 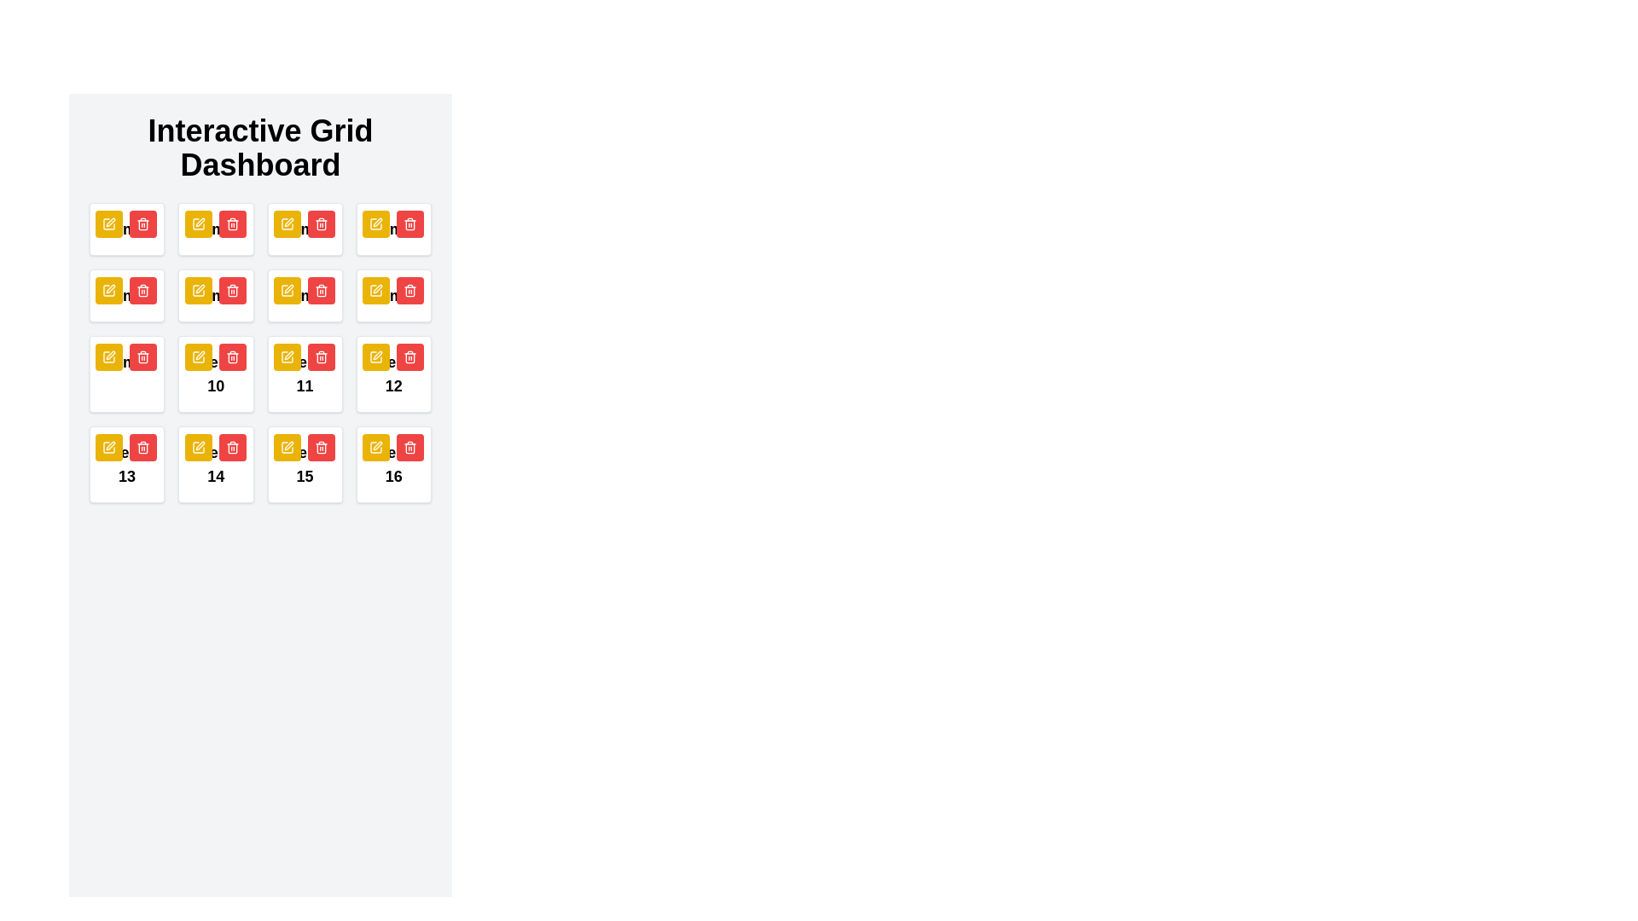 What do you see at coordinates (321, 356) in the screenshot?
I see `the trash icon located in the fourth row and third column of the grid layout, which serves as a delete button within a red button on a white card` at bounding box center [321, 356].